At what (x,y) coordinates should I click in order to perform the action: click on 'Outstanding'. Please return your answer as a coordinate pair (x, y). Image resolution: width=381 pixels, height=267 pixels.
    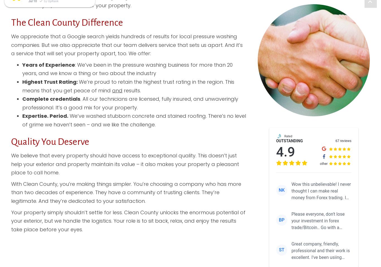
    Looking at the image, I should click on (289, 140).